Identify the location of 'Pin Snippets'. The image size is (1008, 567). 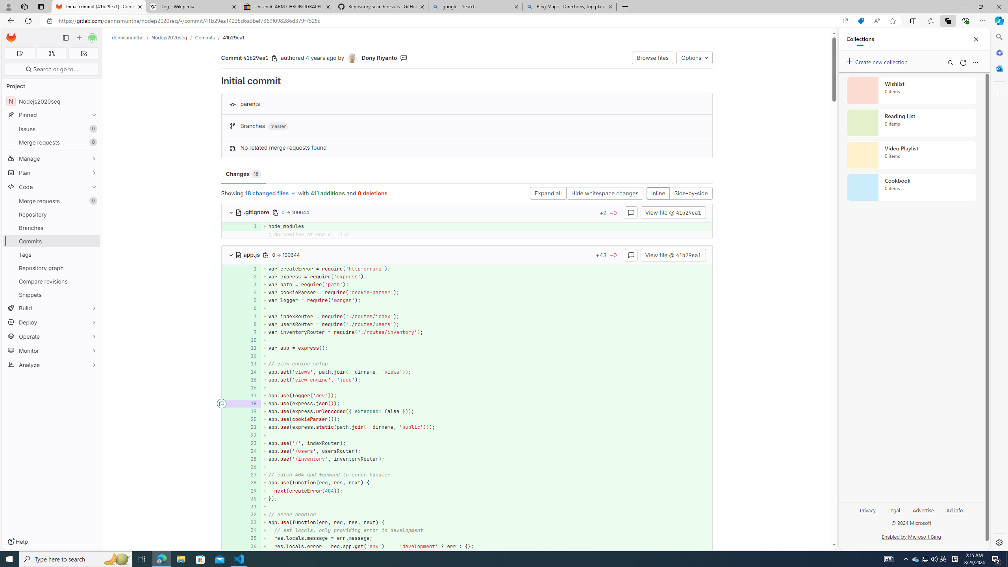
(92, 294).